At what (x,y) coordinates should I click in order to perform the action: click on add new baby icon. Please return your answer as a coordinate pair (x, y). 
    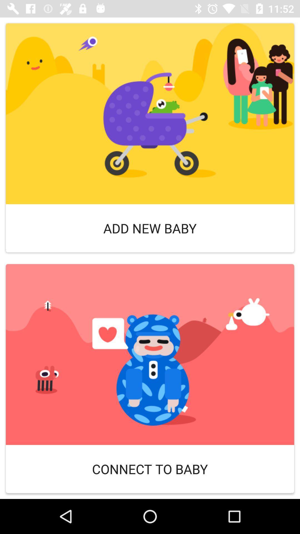
    Looking at the image, I should click on (150, 228).